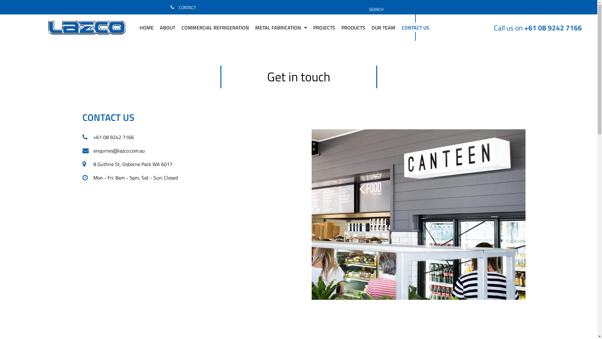  Describe the element at coordinates (553, 27) in the screenshot. I see `'+61 08 9242 7166'` at that location.